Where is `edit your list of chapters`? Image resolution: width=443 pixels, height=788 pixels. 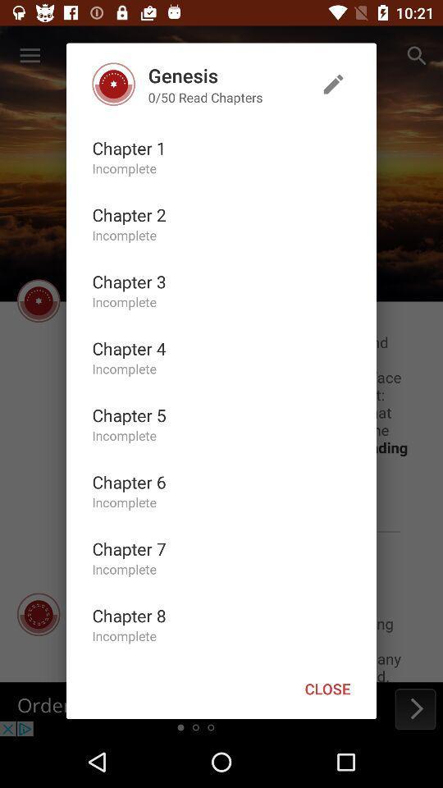
edit your list of chapters is located at coordinates (332, 84).